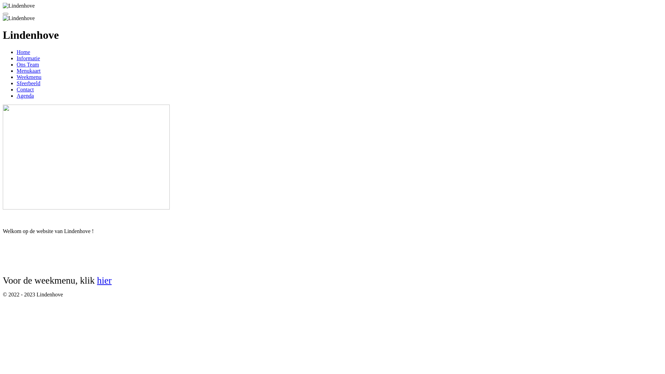 The width and height of the screenshot is (665, 374). I want to click on 'Contact', so click(25, 89).